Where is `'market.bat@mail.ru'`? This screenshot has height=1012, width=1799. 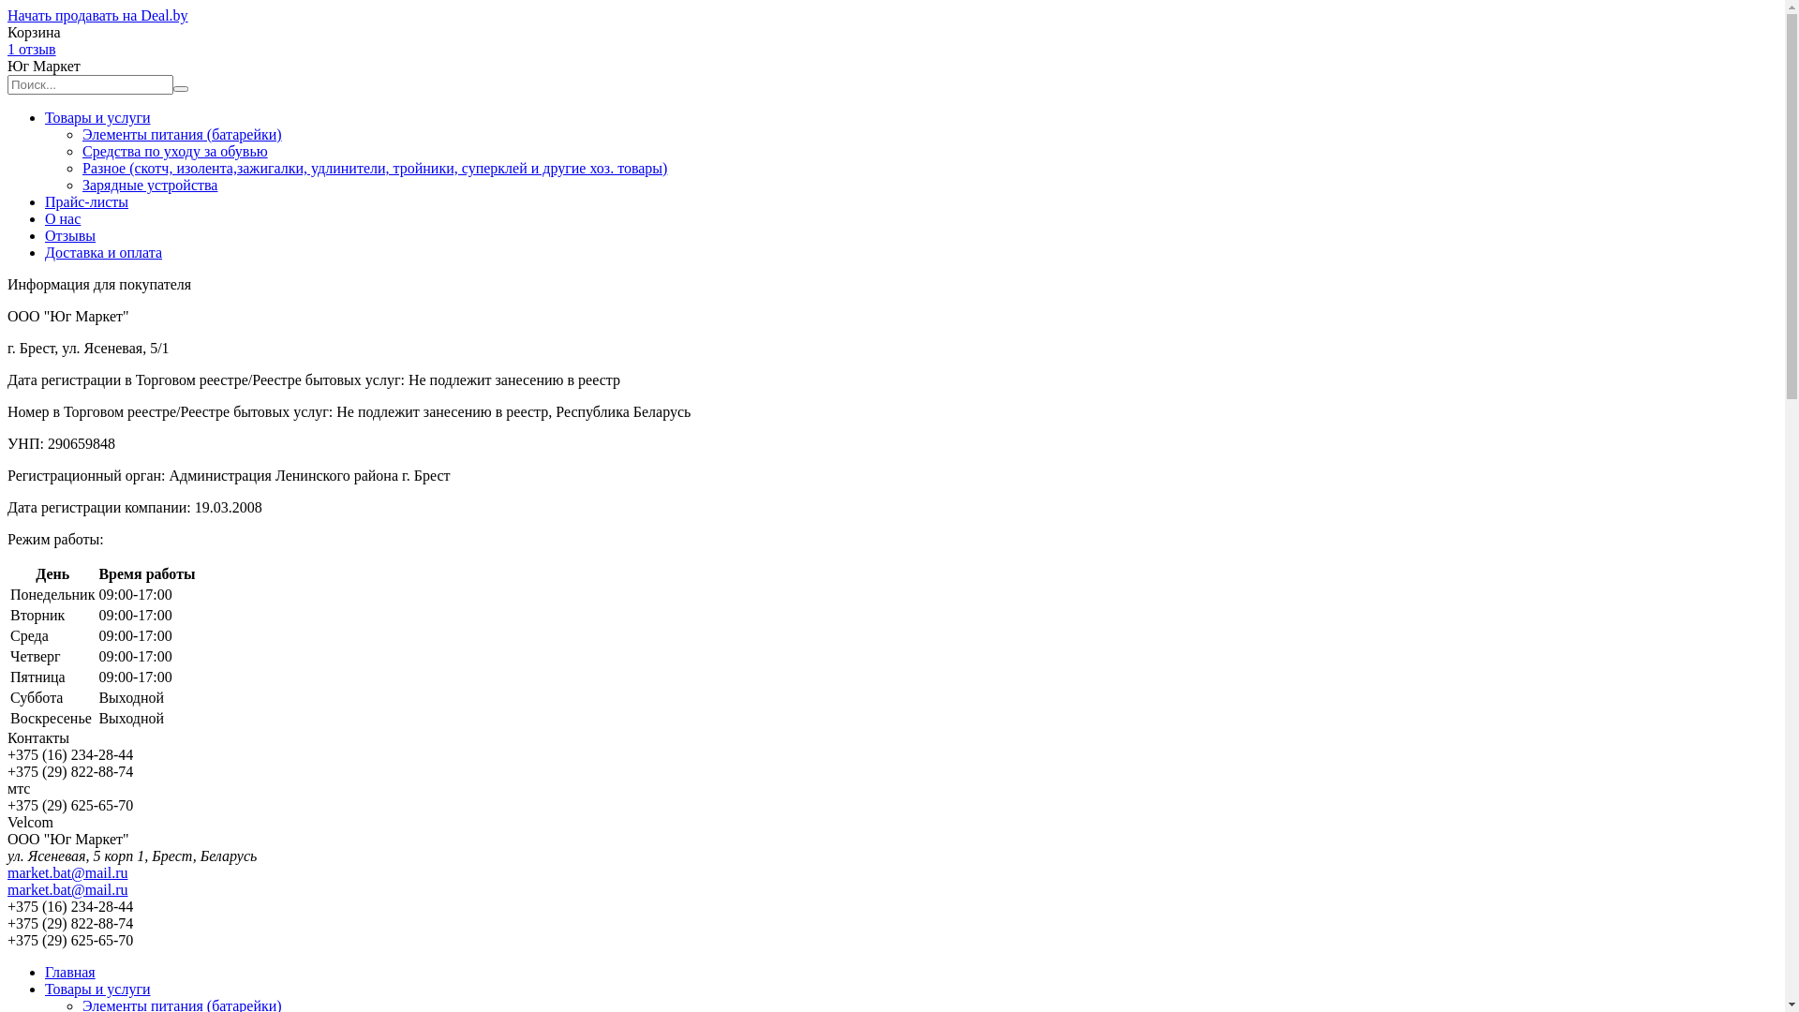
'market.bat@mail.ru' is located at coordinates (67, 872).